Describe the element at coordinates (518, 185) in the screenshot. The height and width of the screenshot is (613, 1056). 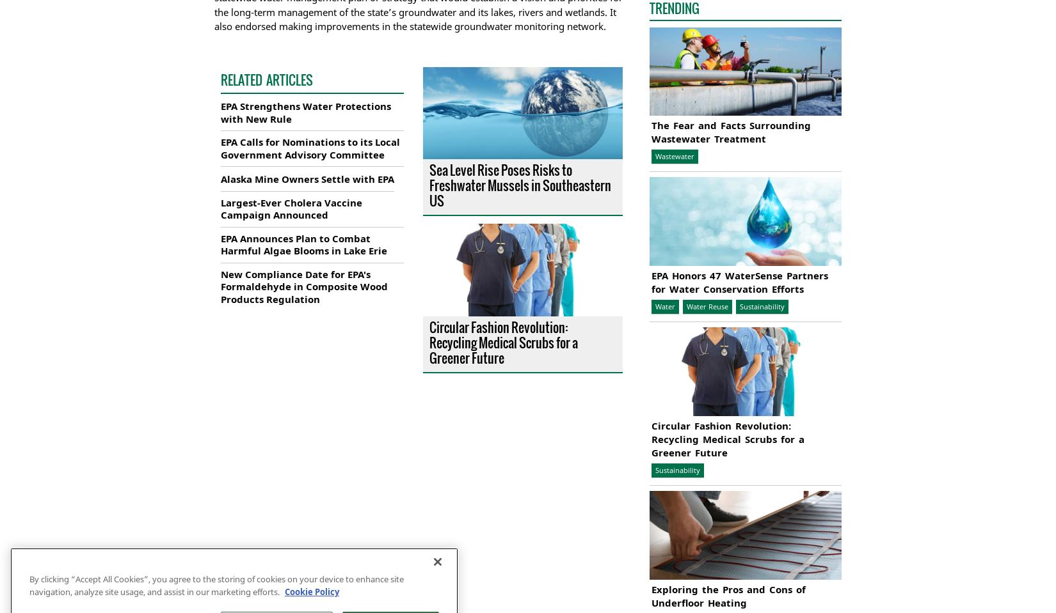
I see `'Sea Level Rise Poses Risks to Freshwater Mussels in Southeastern US'` at that location.